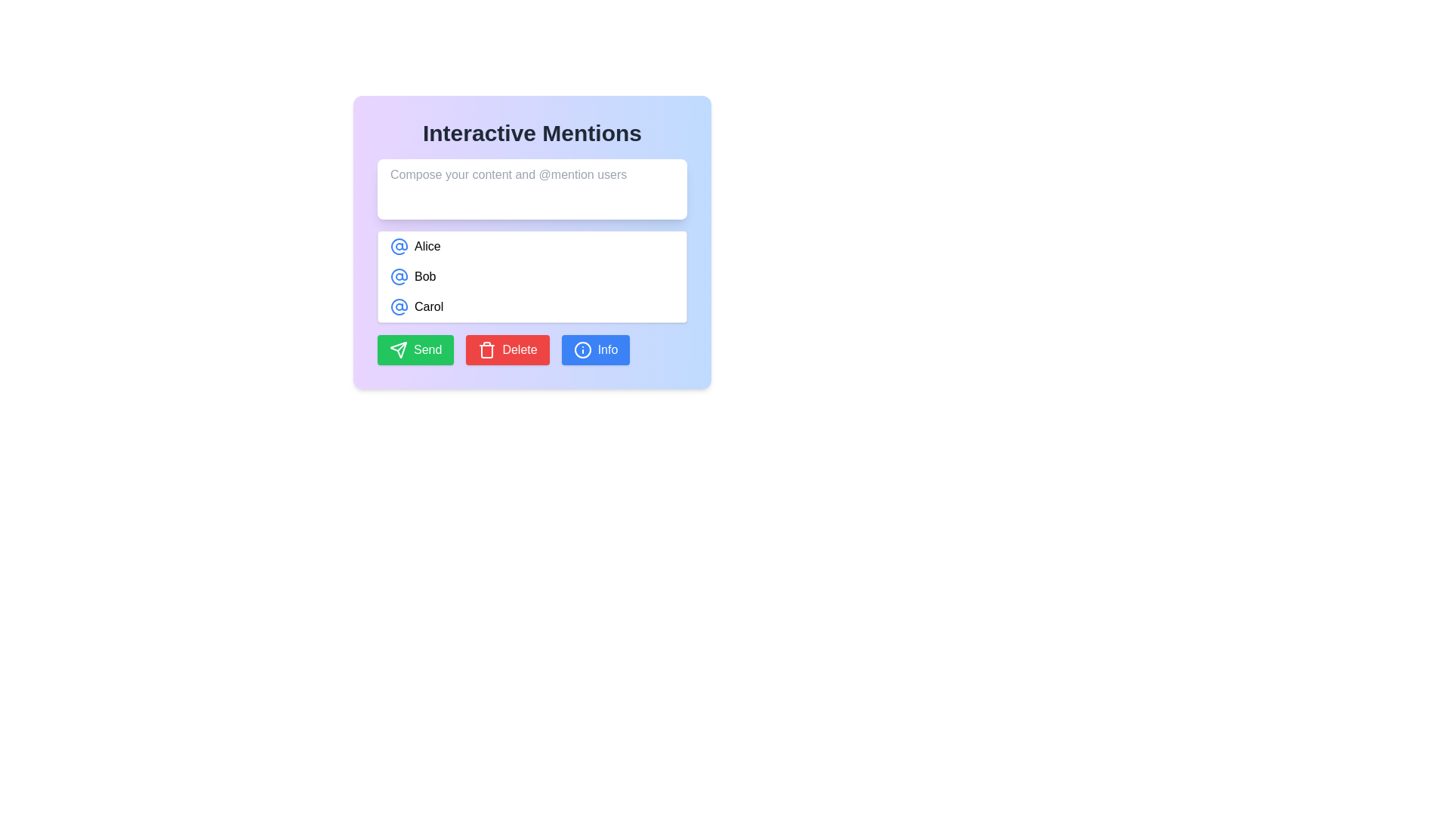 The image size is (1450, 815). What do you see at coordinates (399, 306) in the screenshot?
I see `the user mention icon for 'Carol', which is the third item in the user mention list` at bounding box center [399, 306].